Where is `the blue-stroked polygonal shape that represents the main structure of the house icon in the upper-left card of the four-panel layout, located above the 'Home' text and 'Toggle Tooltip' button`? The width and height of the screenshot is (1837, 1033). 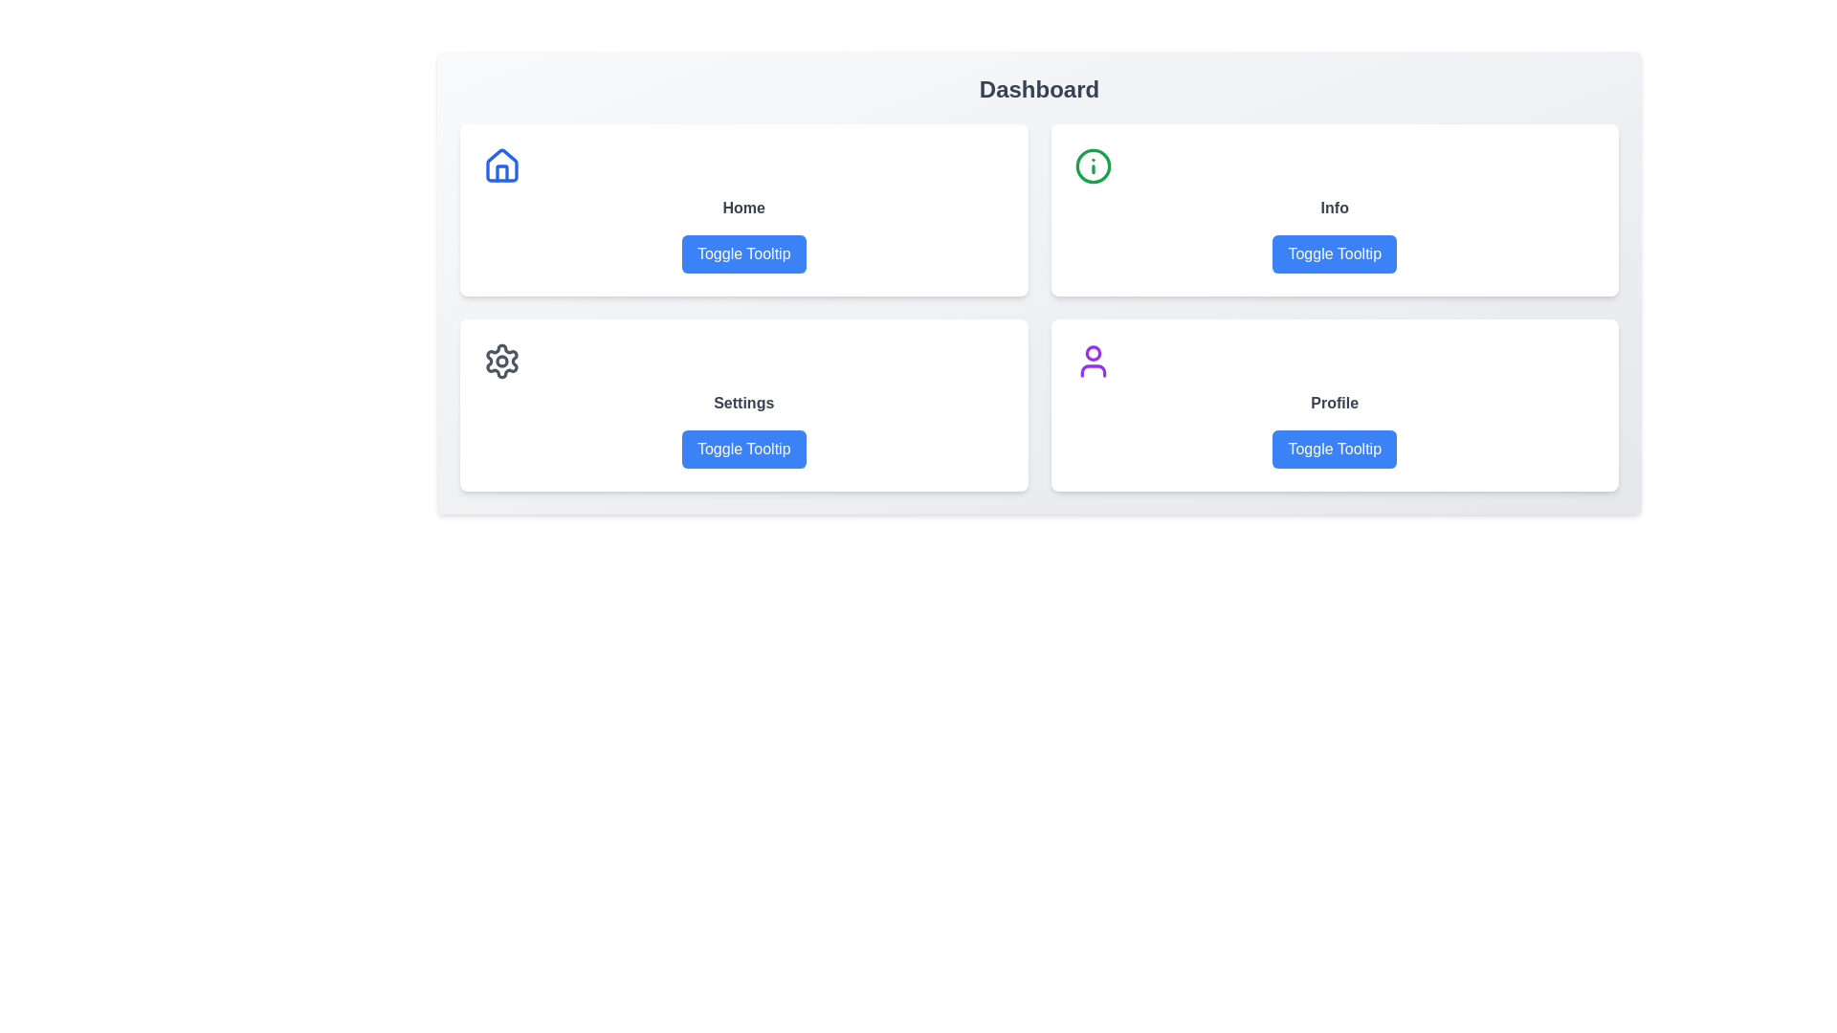
the blue-stroked polygonal shape that represents the main structure of the house icon in the upper-left card of the four-panel layout, located above the 'Home' text and 'Toggle Tooltip' button is located at coordinates (501, 165).